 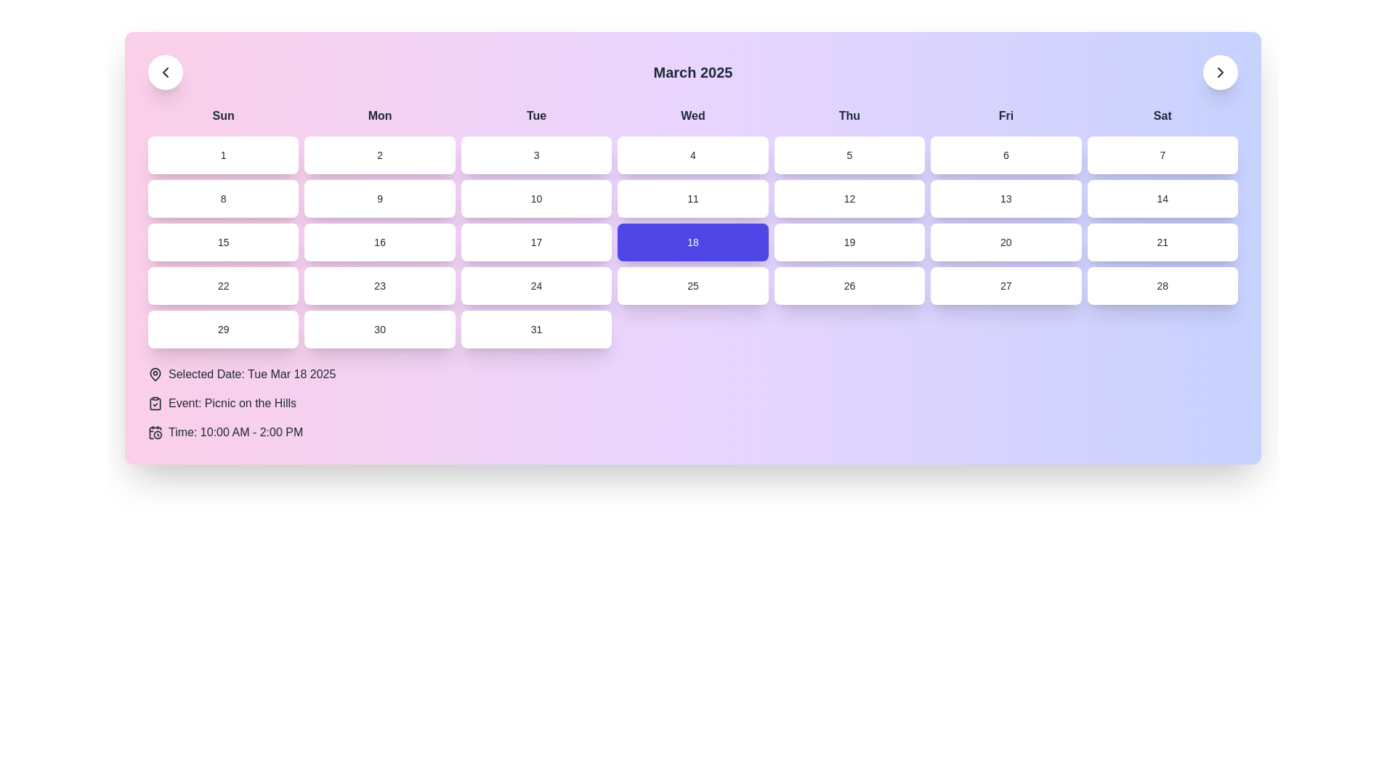 I want to click on the selectable date button representing date '8' in the calendar interface, so click(x=222, y=198).